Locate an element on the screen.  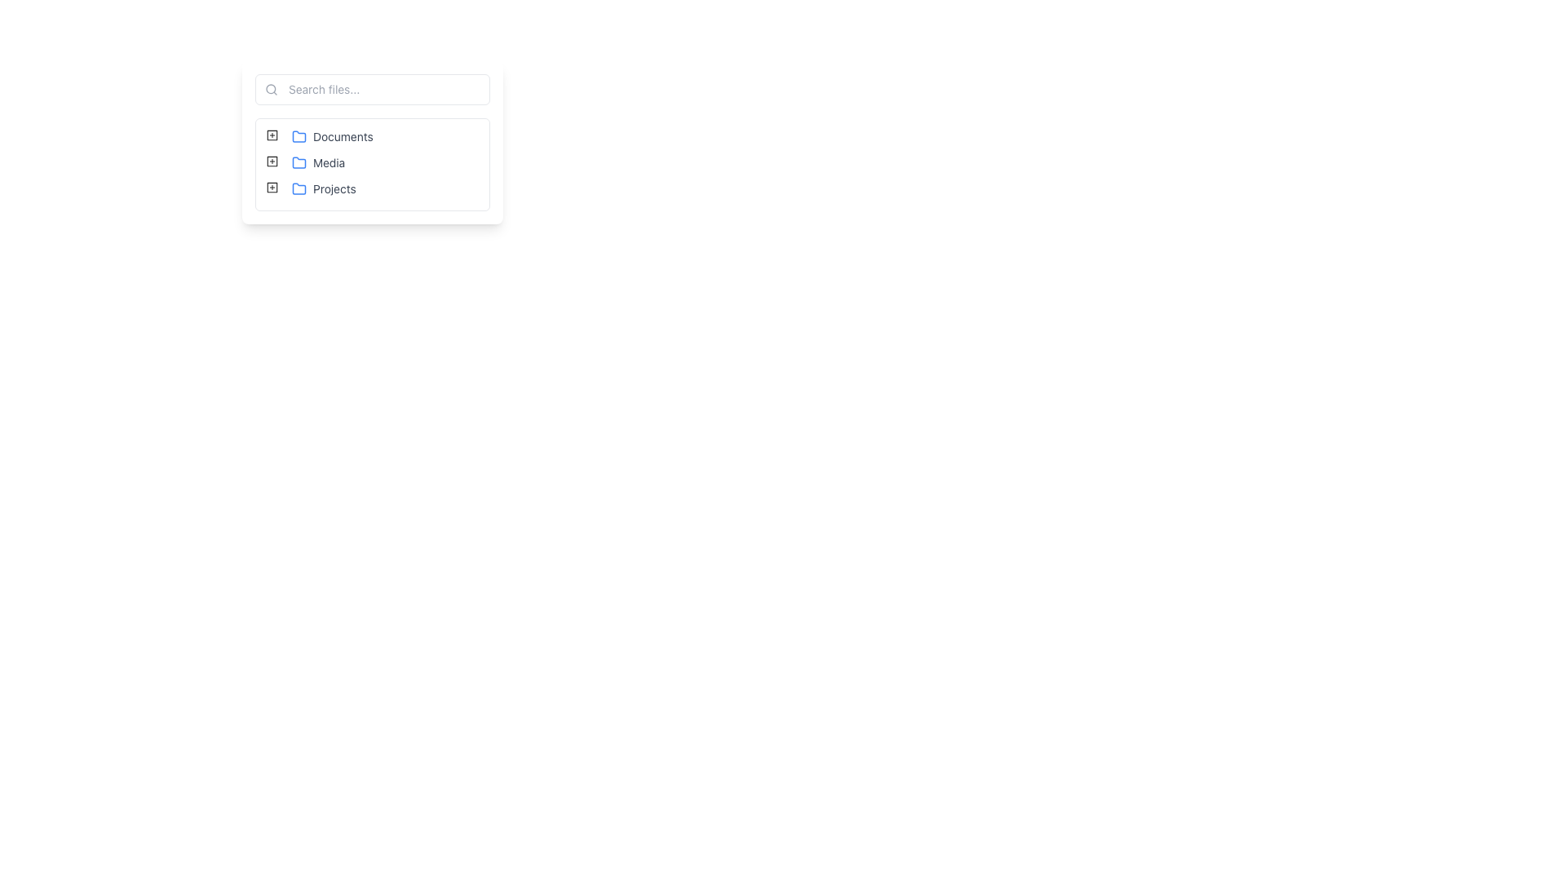
the graphical framing icon, which is a square outline with rounded corners, positioned to the left of the 'Documents' item in the list interface is located at coordinates (272, 134).